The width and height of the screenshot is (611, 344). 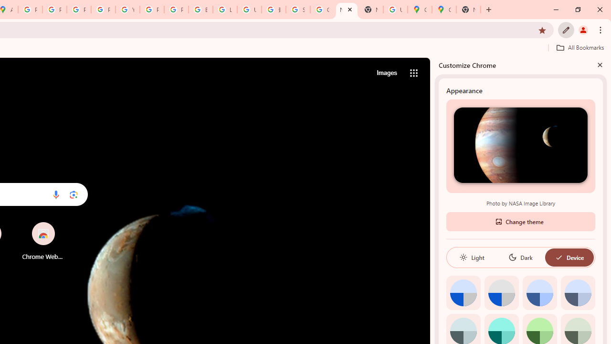 What do you see at coordinates (463, 292) in the screenshot?
I see `'Default color'` at bounding box center [463, 292].